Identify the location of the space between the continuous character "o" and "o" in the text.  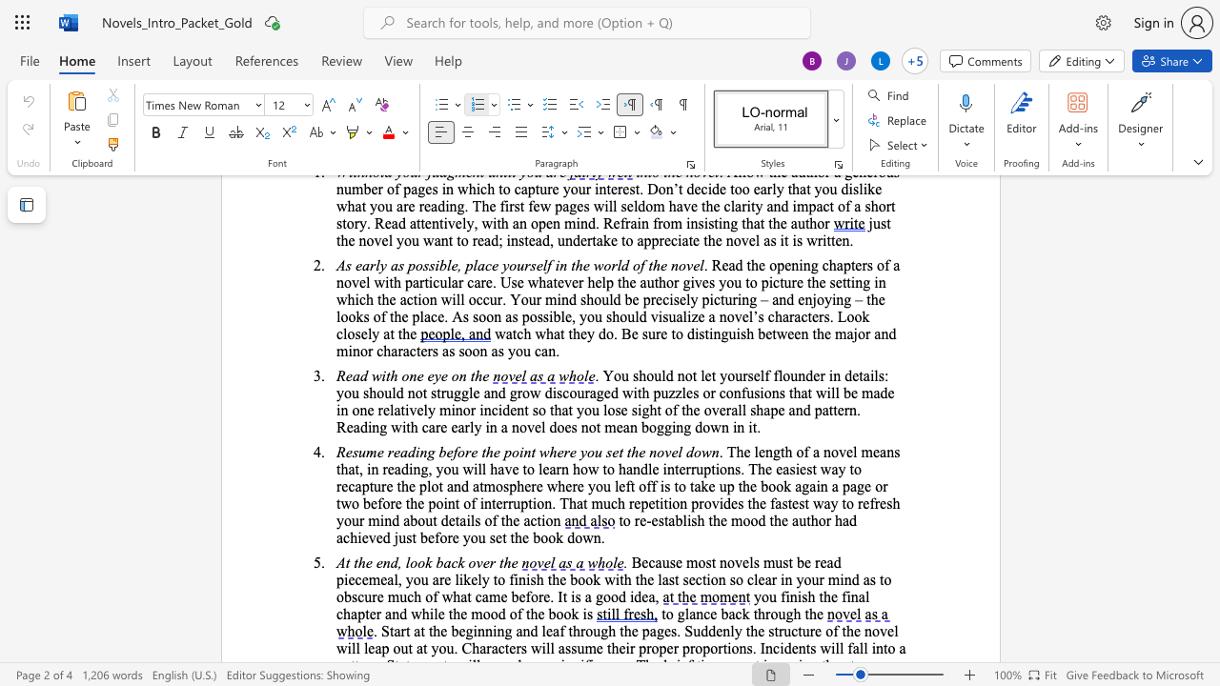
(610, 595).